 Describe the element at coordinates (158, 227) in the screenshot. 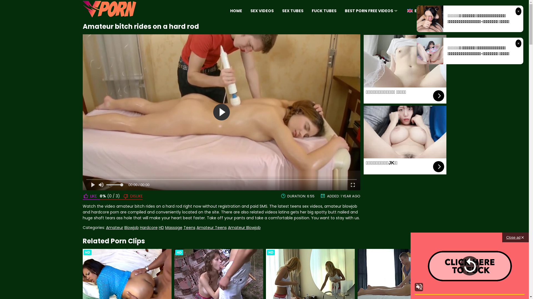

I see `'HD'` at that location.